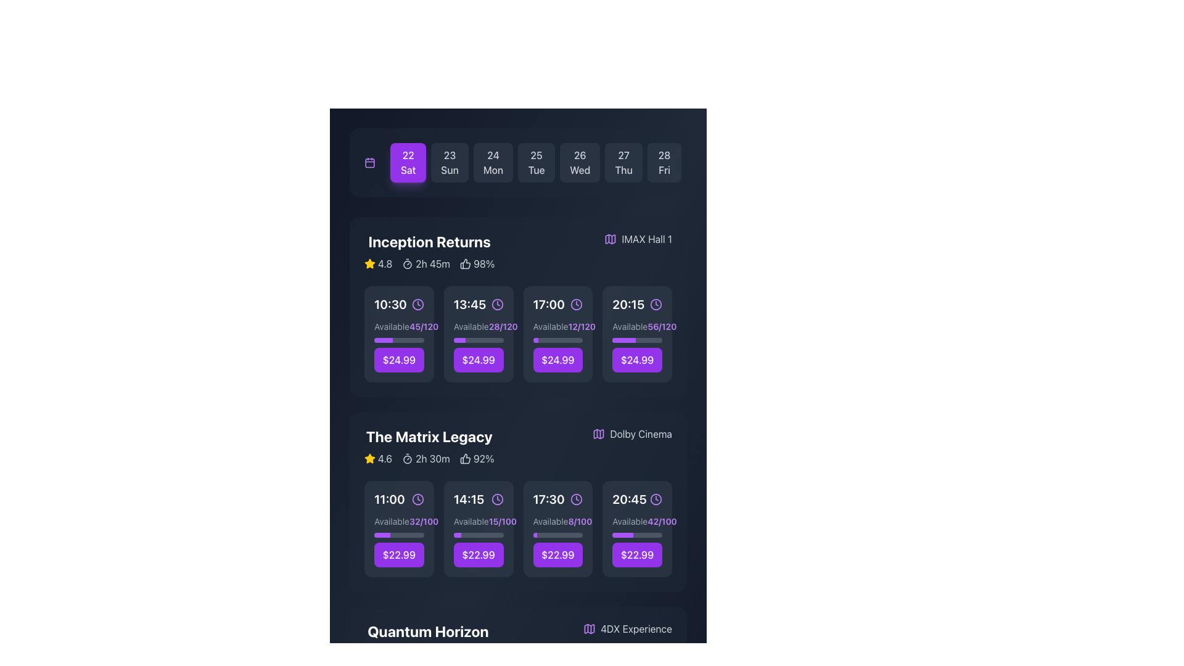 The image size is (1184, 666). Describe the element at coordinates (388, 499) in the screenshot. I see `time displayed in the text element that shows '11:00' in bold white text on a dark background, located in the second row of movie showtimes under 'The Matrix Legacy'` at that location.